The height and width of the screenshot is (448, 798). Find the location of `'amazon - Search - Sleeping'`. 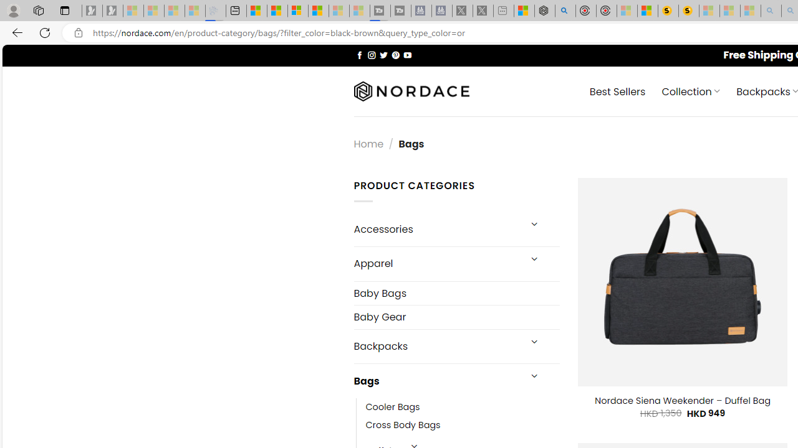

'amazon - Search - Sleeping' is located at coordinates (771, 11).